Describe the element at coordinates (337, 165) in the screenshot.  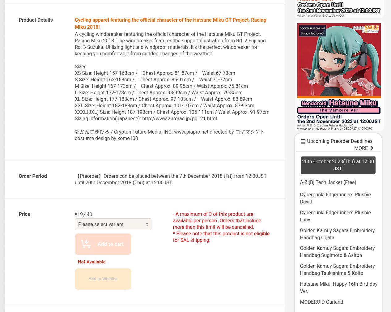
I see `'26th October  2023(Thu) at 12:00 JST.'` at that location.